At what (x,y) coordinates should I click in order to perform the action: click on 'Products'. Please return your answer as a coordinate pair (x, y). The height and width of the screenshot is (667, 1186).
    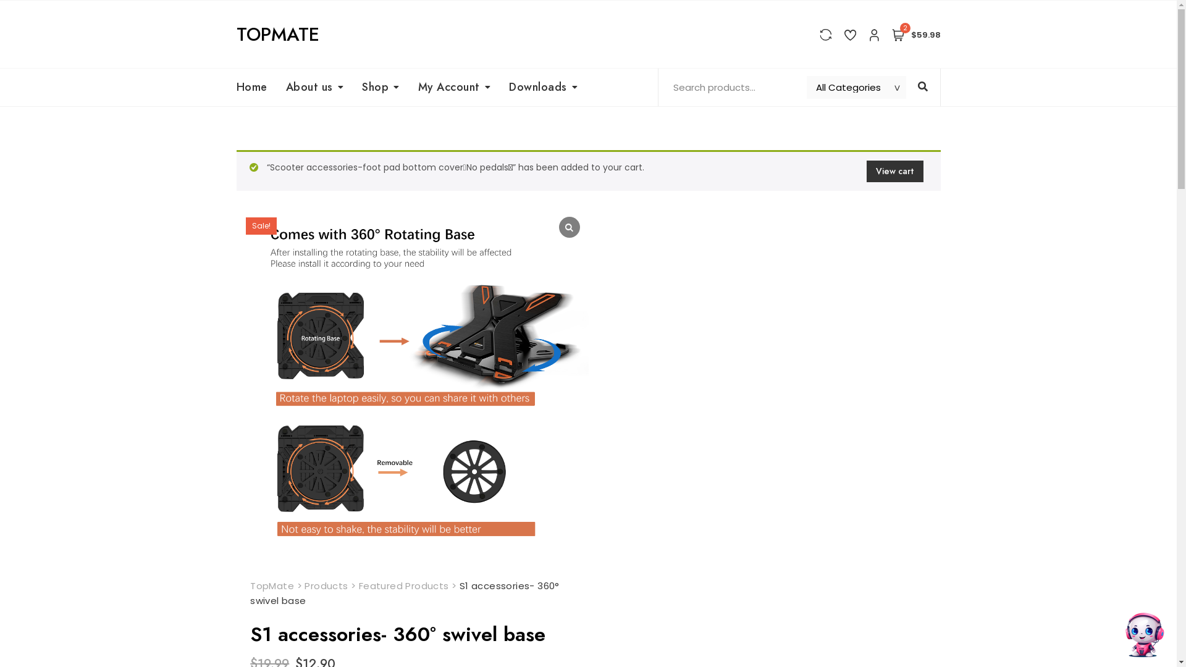
    Looking at the image, I should click on (326, 585).